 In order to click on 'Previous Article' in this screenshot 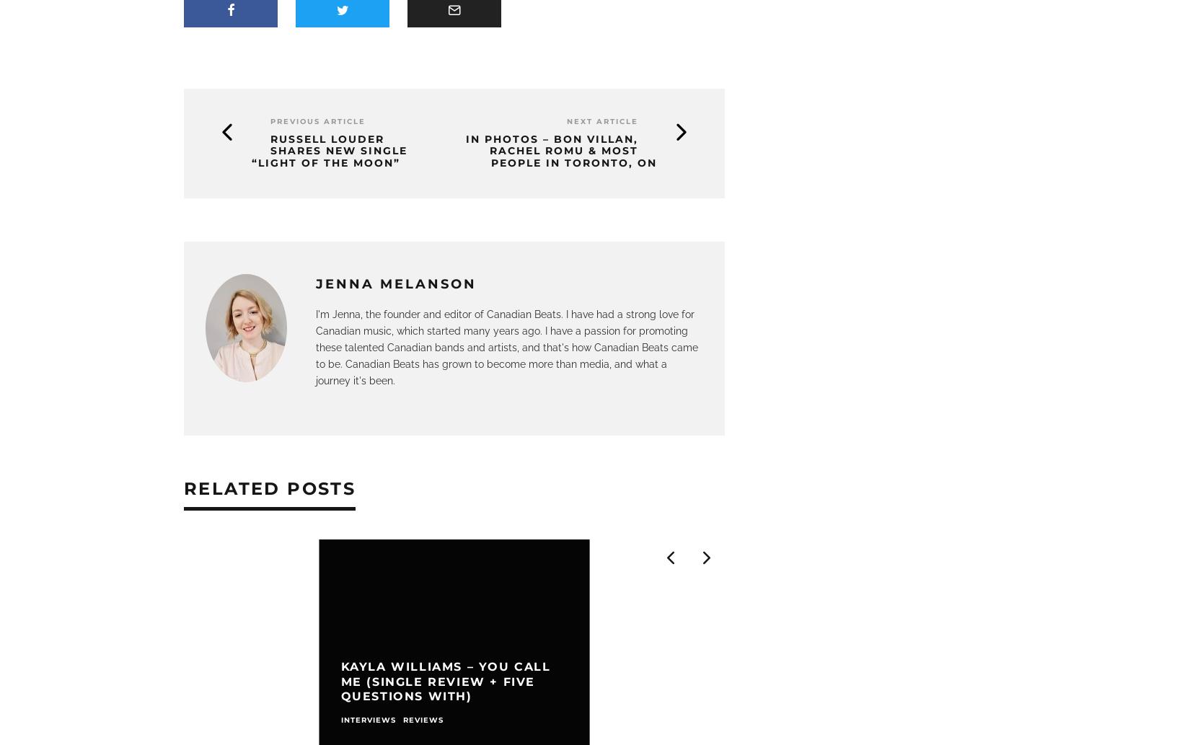, I will do `click(317, 120)`.